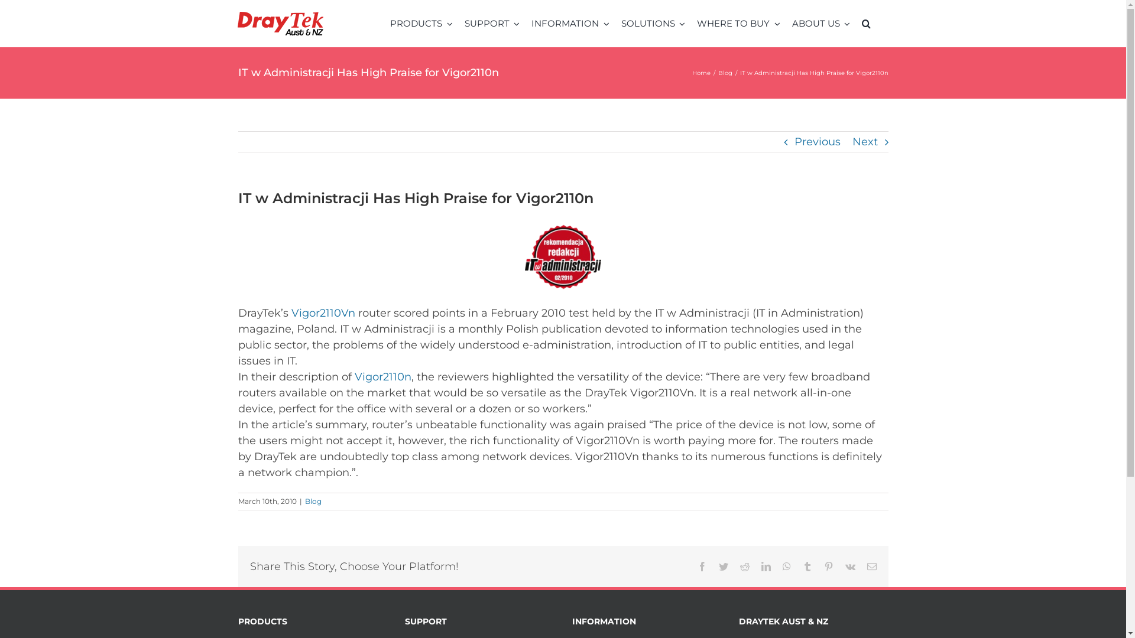 The height and width of the screenshot is (638, 1135). Describe the element at coordinates (786, 566) in the screenshot. I see `'WhatsApp'` at that location.